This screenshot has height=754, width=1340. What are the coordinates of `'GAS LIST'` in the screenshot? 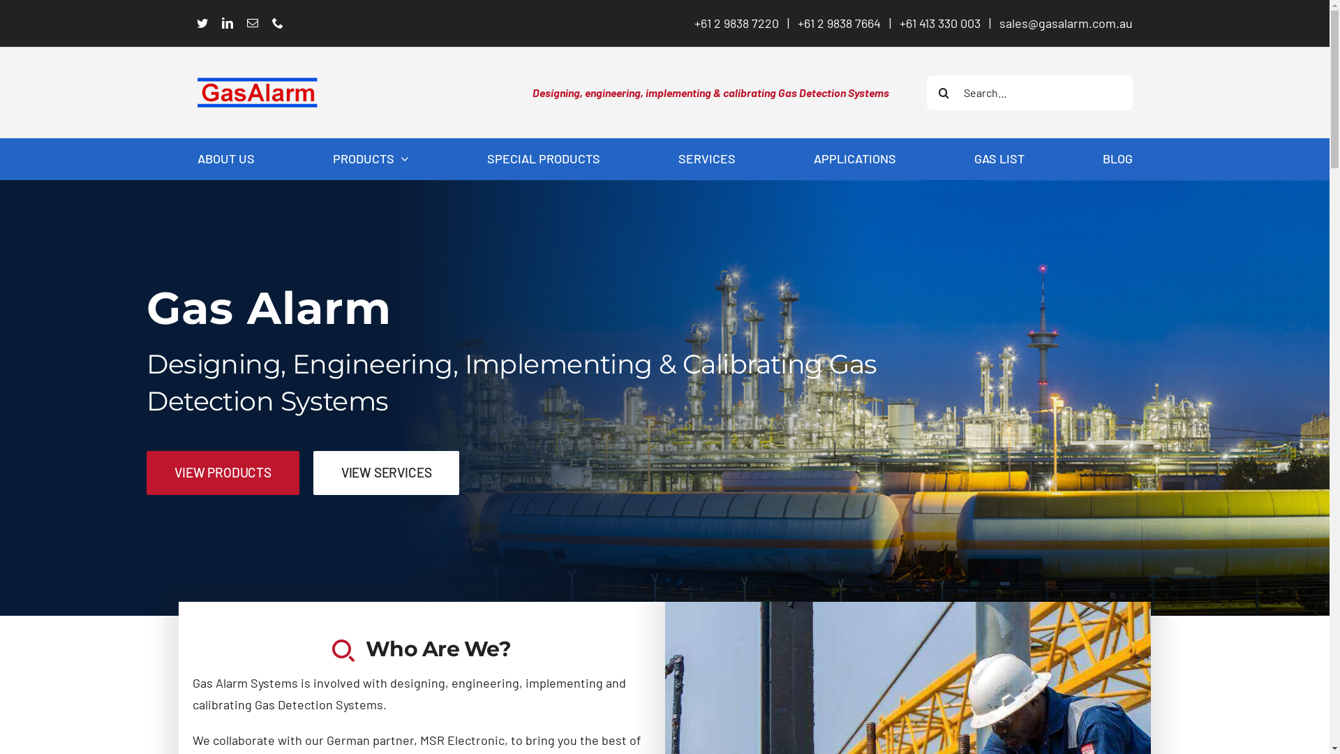 It's located at (998, 158).